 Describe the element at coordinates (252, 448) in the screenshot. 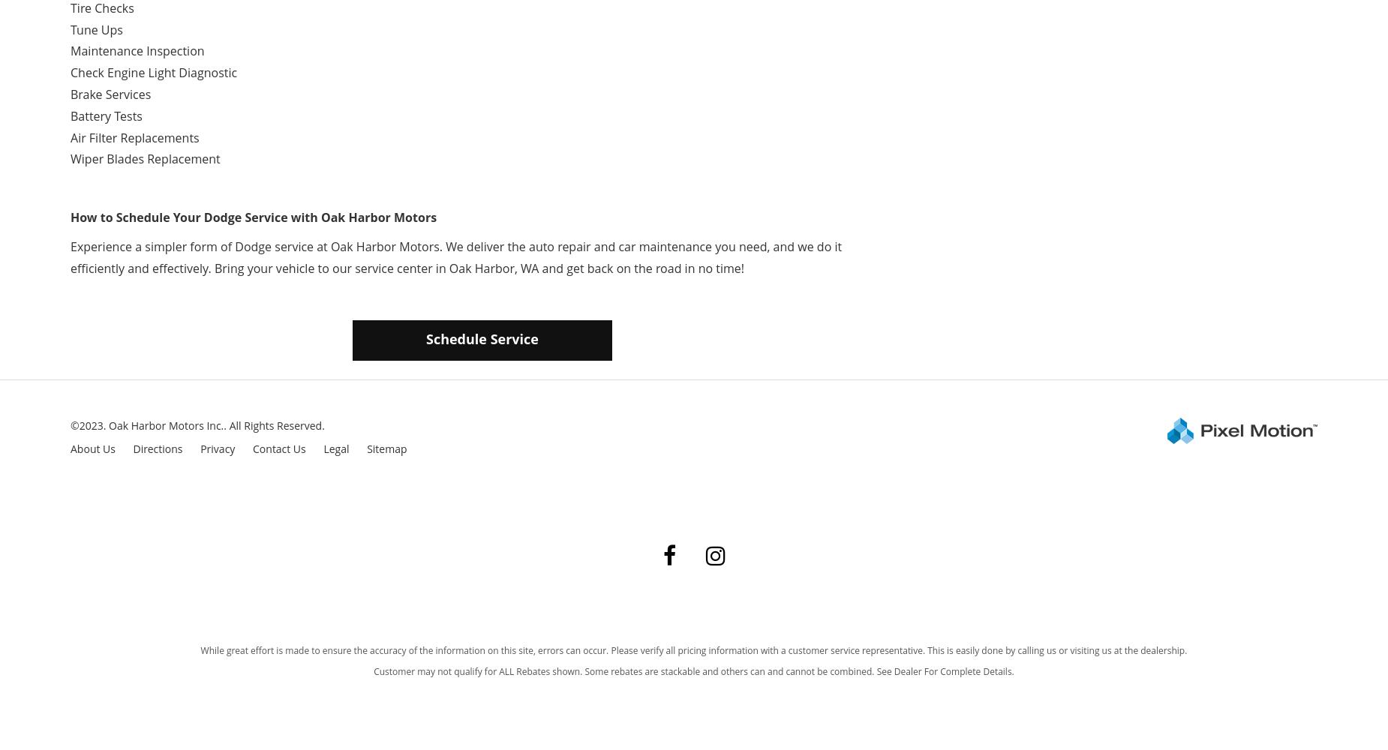

I see `'Contact Us'` at that location.